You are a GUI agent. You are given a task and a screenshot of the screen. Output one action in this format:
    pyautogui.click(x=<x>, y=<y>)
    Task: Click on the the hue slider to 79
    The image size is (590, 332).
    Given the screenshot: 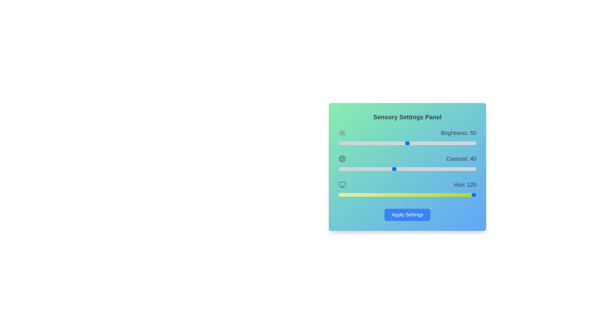 What is the action you would take?
    pyautogui.click(x=369, y=195)
    